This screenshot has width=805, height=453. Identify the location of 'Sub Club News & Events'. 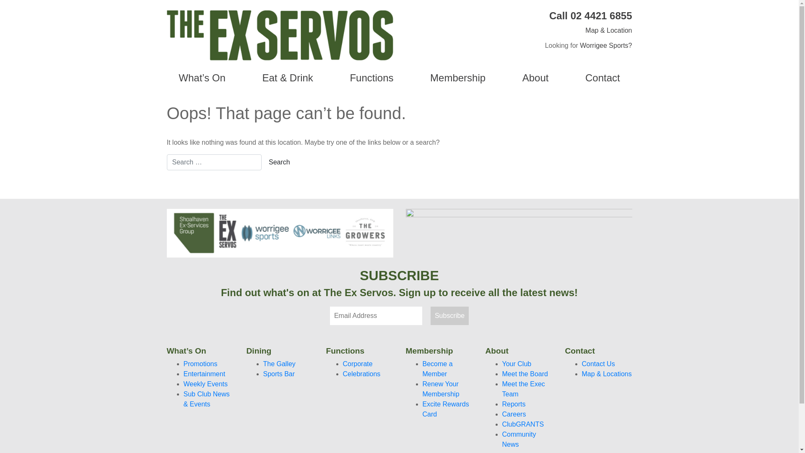
(207, 398).